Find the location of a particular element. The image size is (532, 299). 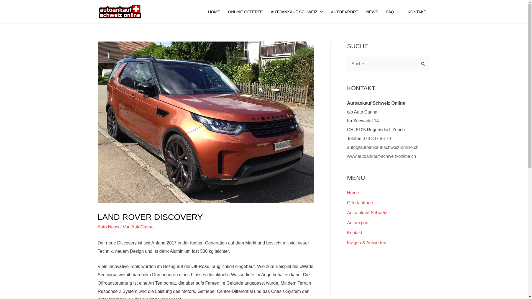

'Offertanfrage' is located at coordinates (360, 203).